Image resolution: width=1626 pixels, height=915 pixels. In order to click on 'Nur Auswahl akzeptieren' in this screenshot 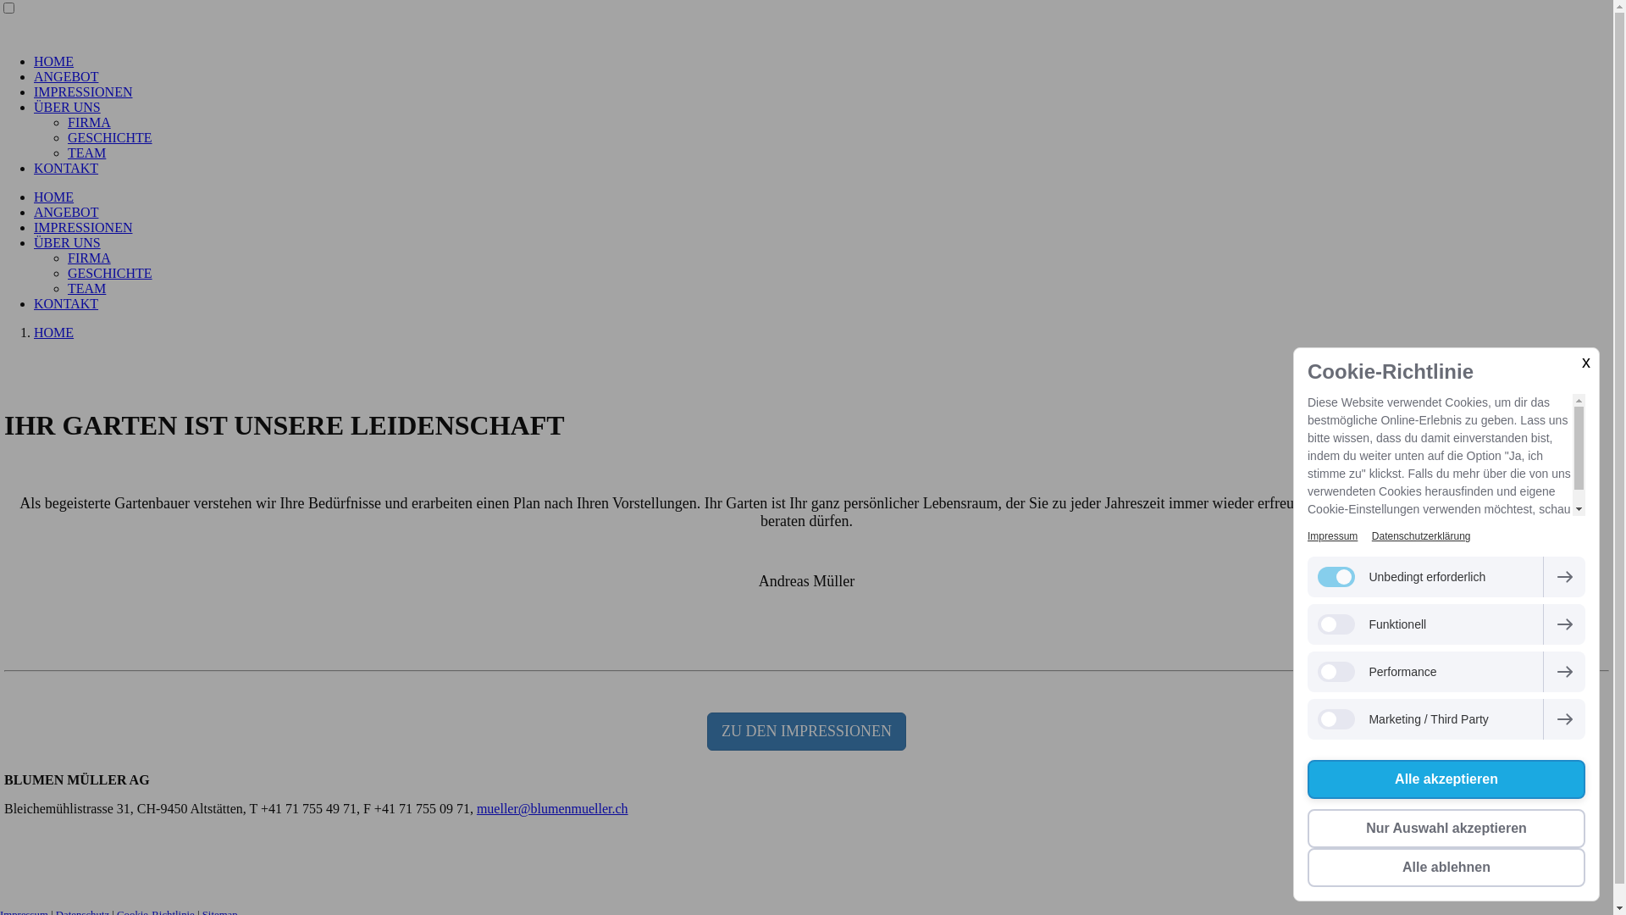, I will do `click(1446, 828)`.